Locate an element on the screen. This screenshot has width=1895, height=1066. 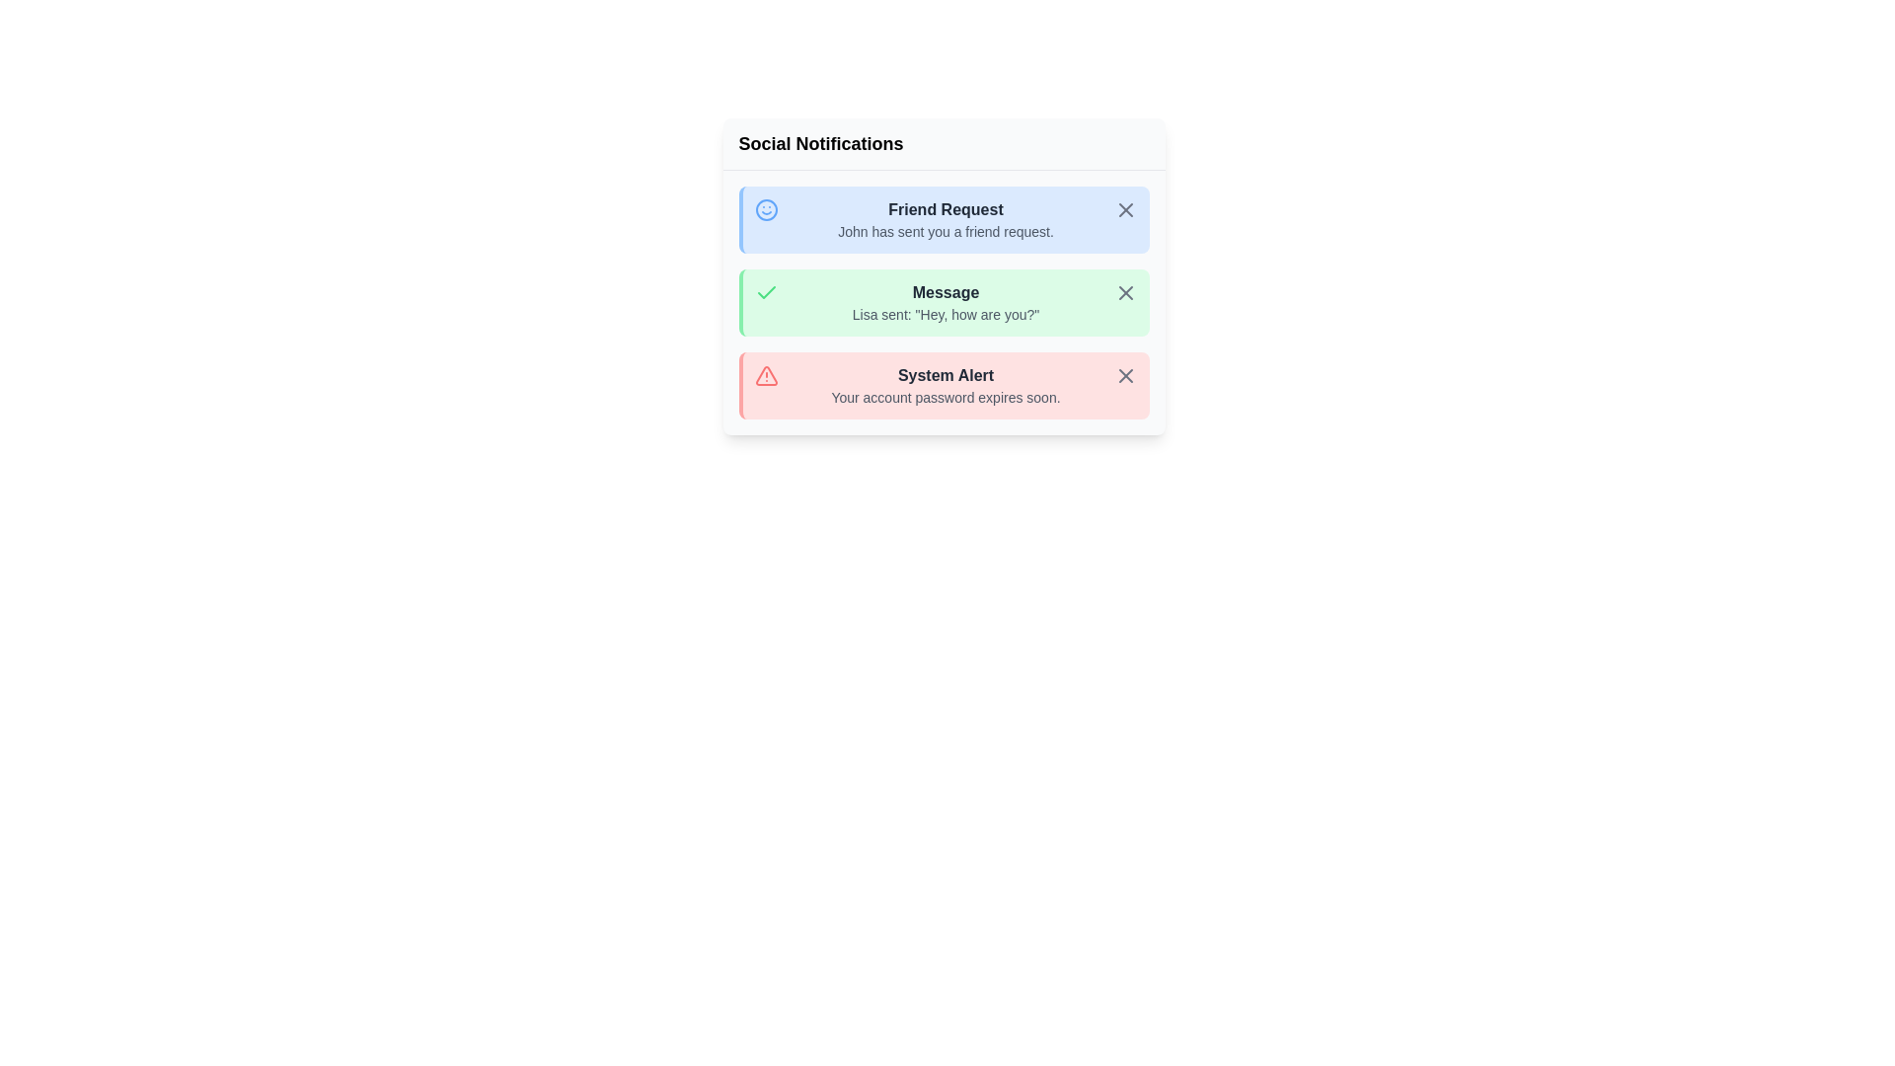
the warning icon located on the left side of the text in the 'System Alert' notification to draw attention to the associated message is located at coordinates (765, 376).